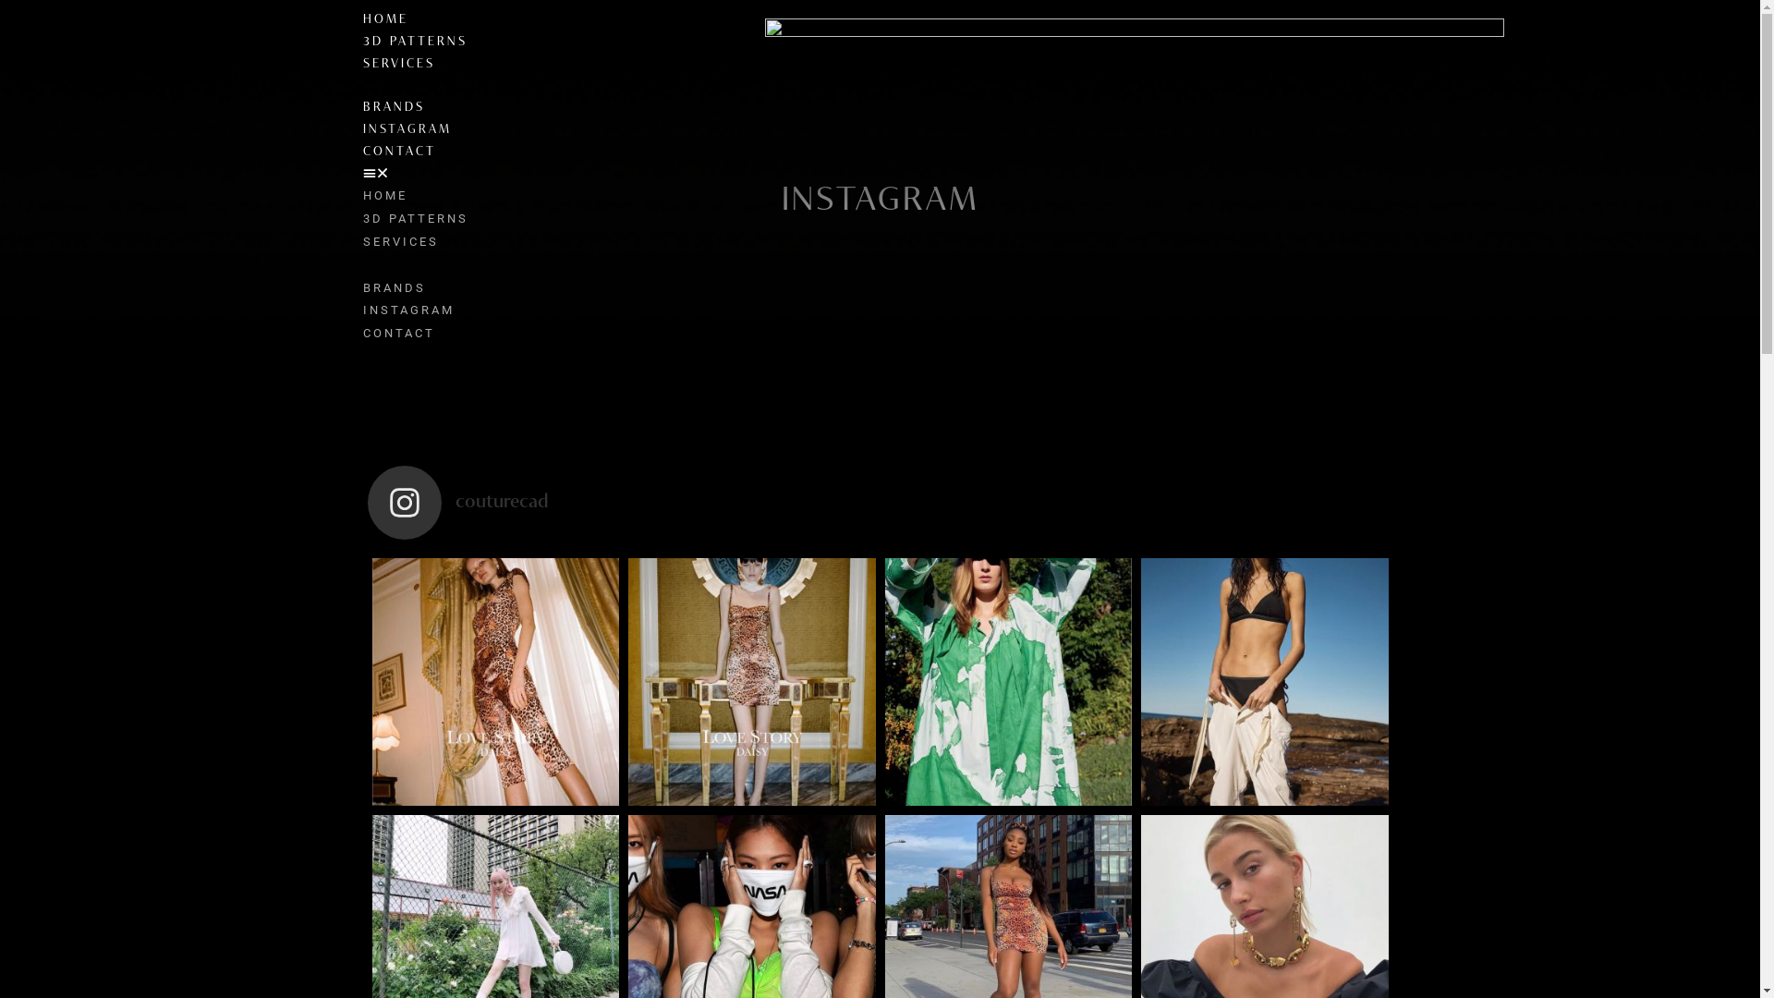  I want to click on 'CONTACT', so click(397, 151).